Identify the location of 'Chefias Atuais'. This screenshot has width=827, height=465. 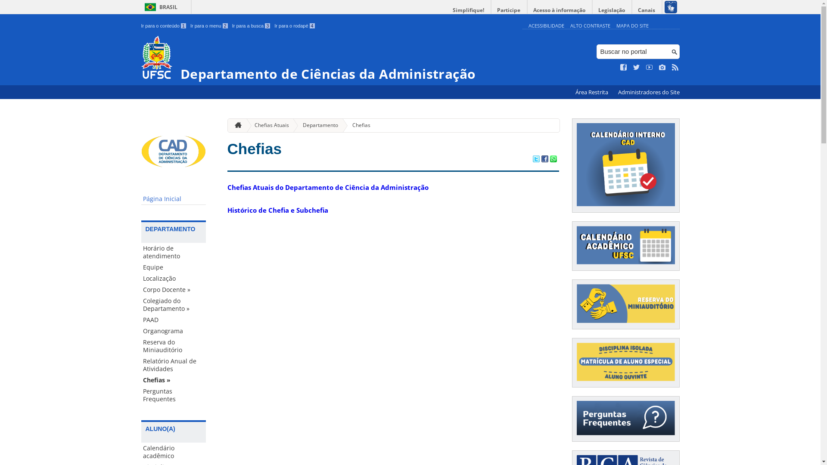
(268, 125).